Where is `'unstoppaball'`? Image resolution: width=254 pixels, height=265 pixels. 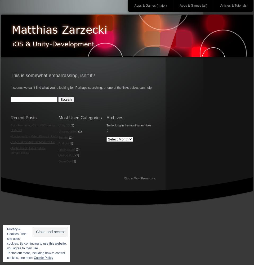 'unstoppaball' is located at coordinates (67, 149).